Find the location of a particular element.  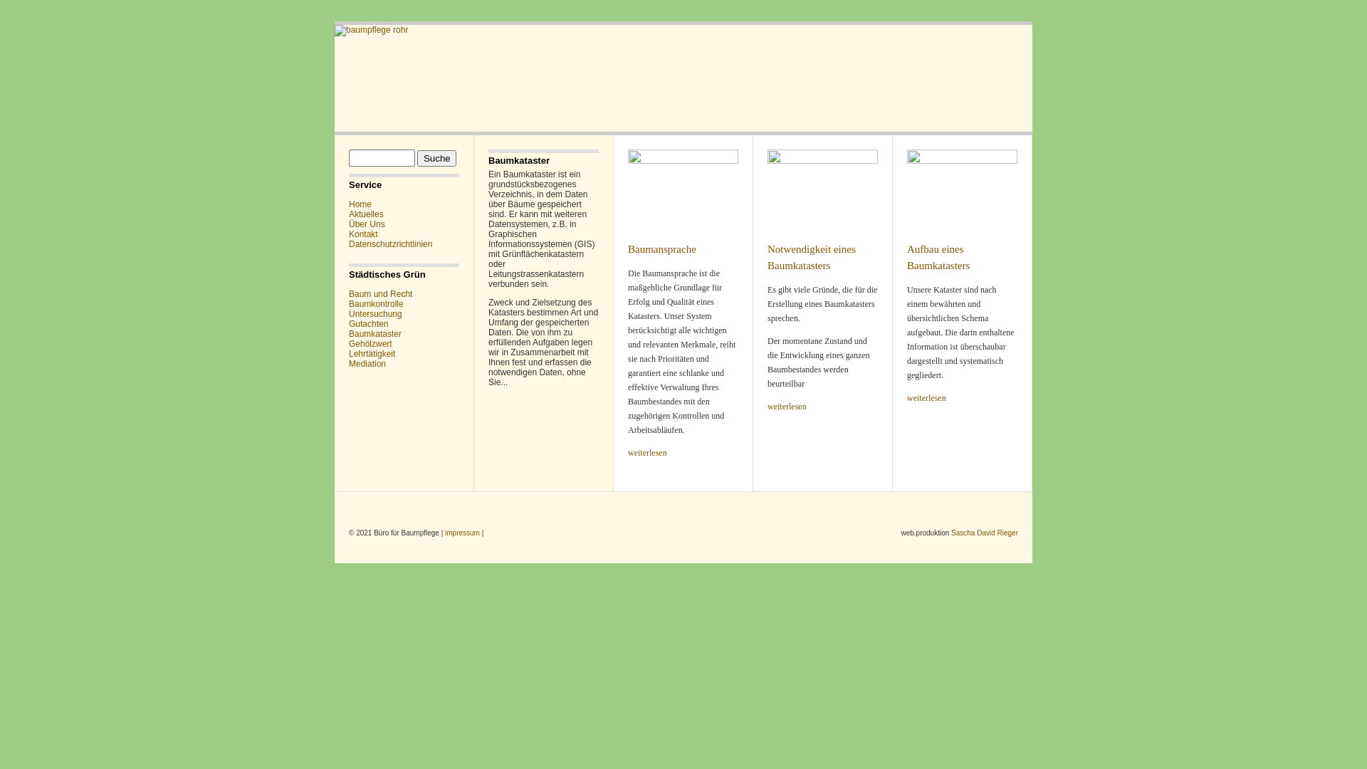

'Aktuelles' is located at coordinates (366, 214).